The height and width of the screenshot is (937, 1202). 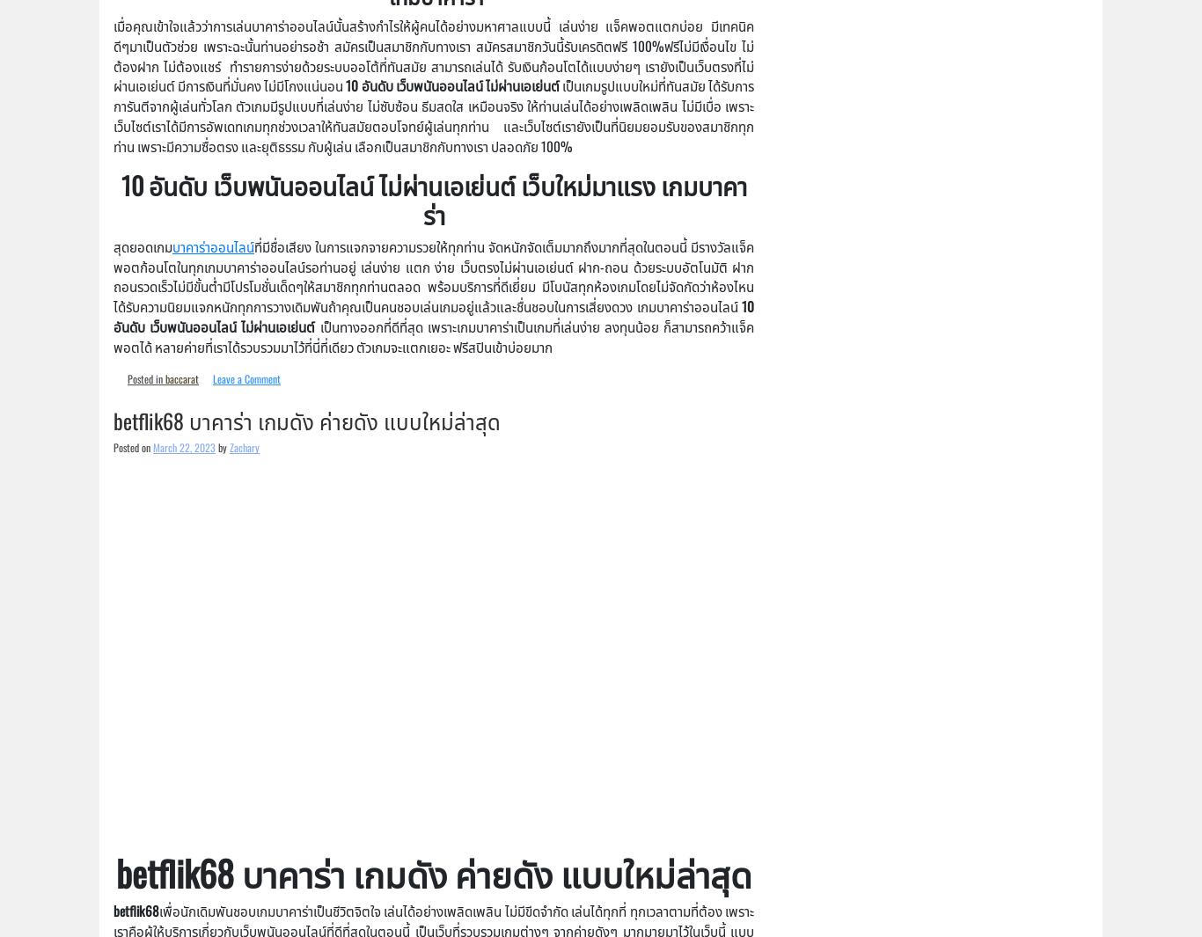 I want to click on 'Leave a Comment', so click(x=246, y=377).